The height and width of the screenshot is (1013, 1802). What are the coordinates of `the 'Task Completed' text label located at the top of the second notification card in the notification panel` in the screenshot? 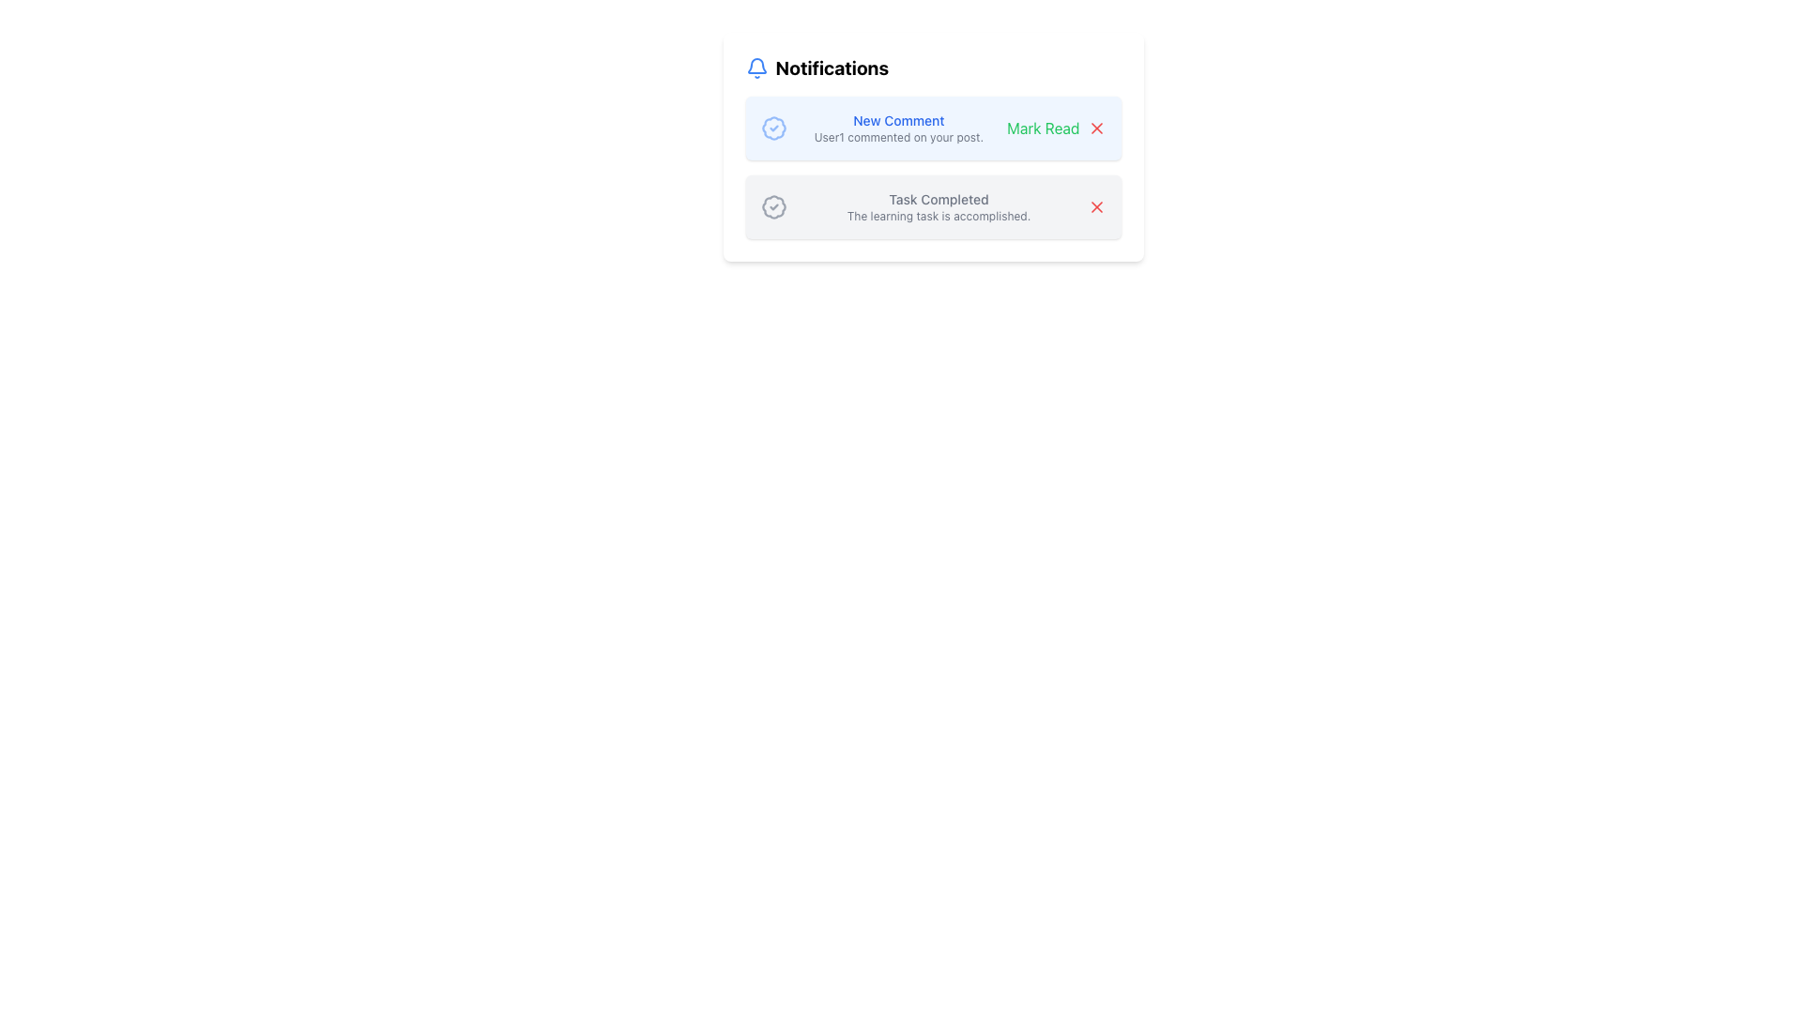 It's located at (939, 199).